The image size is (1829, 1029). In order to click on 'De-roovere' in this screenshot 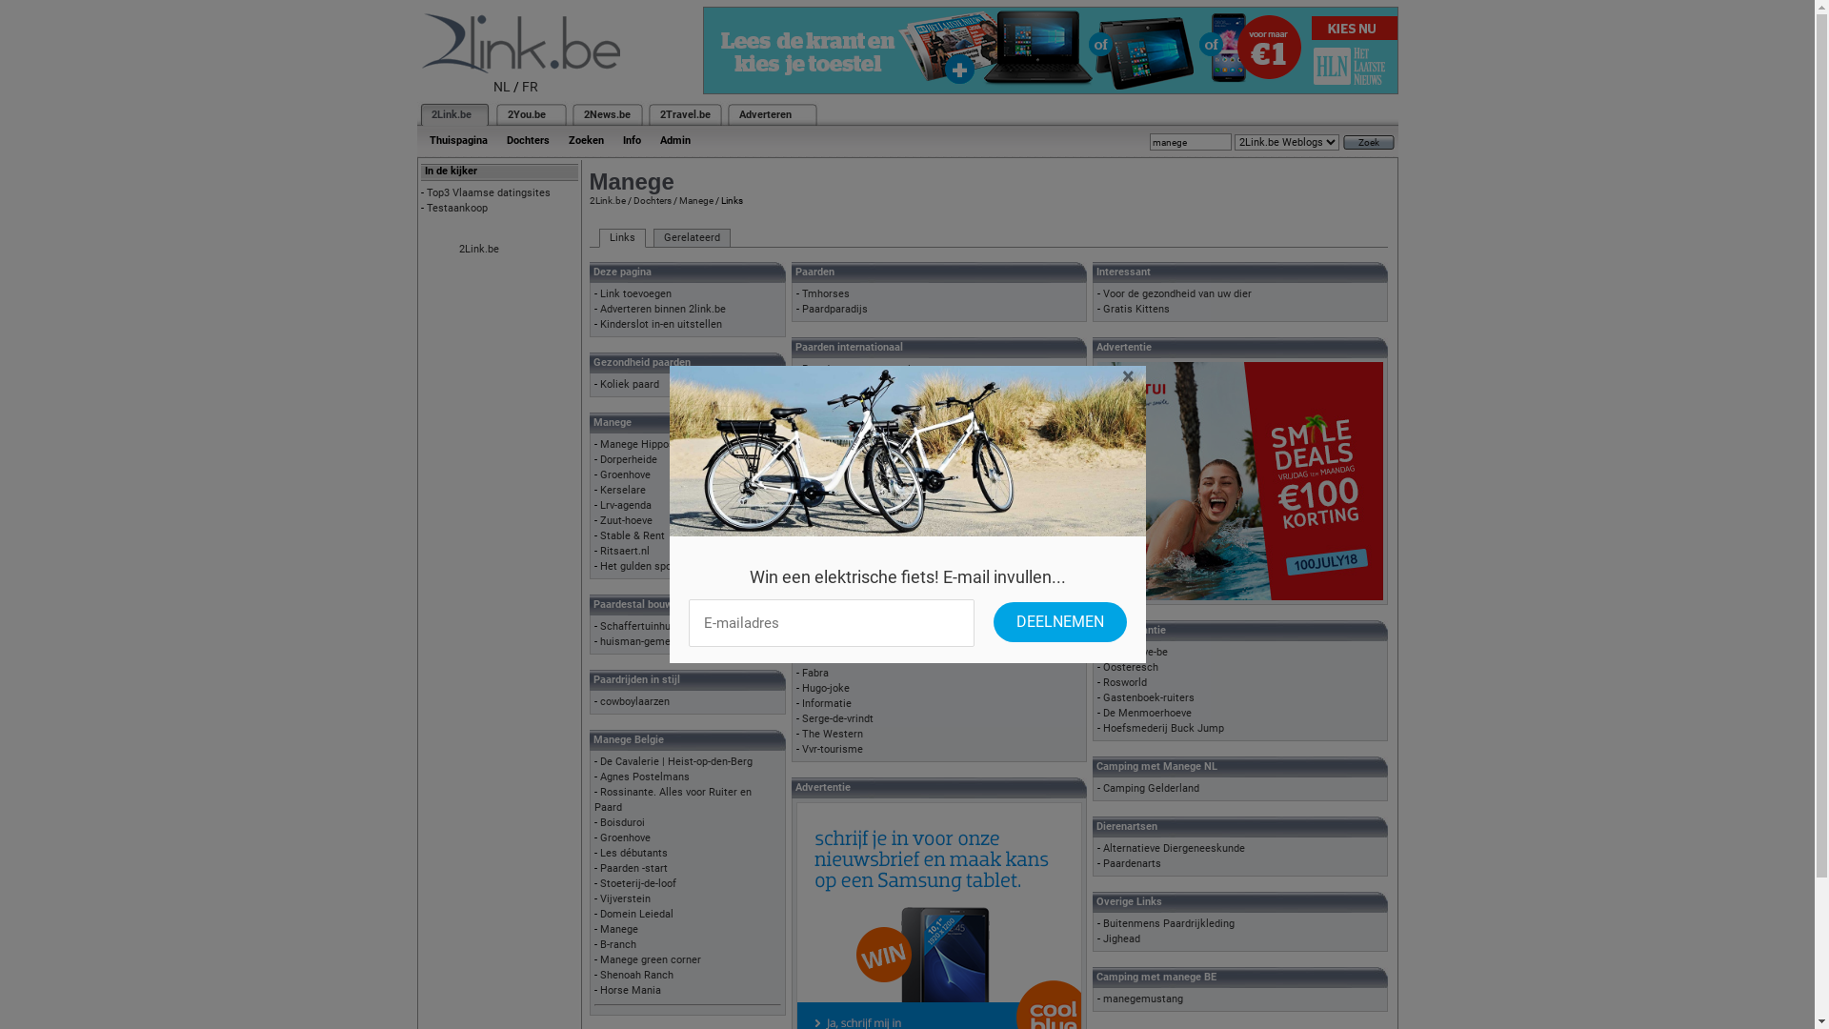, I will do `click(827, 398)`.